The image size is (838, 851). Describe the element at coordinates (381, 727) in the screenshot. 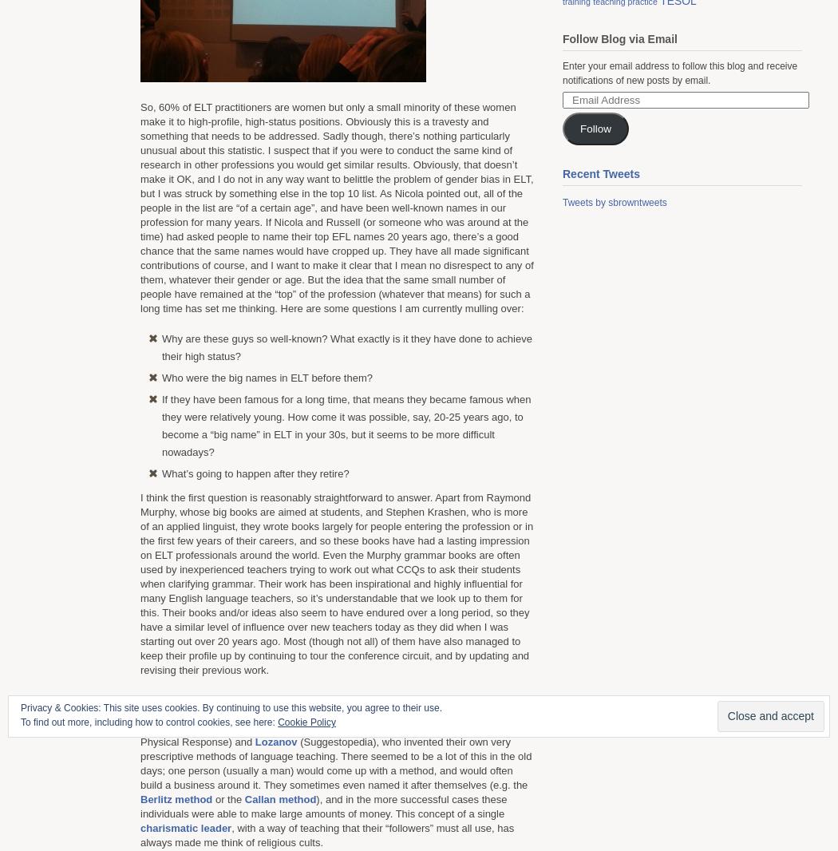

I see `'Gattegno'` at that location.